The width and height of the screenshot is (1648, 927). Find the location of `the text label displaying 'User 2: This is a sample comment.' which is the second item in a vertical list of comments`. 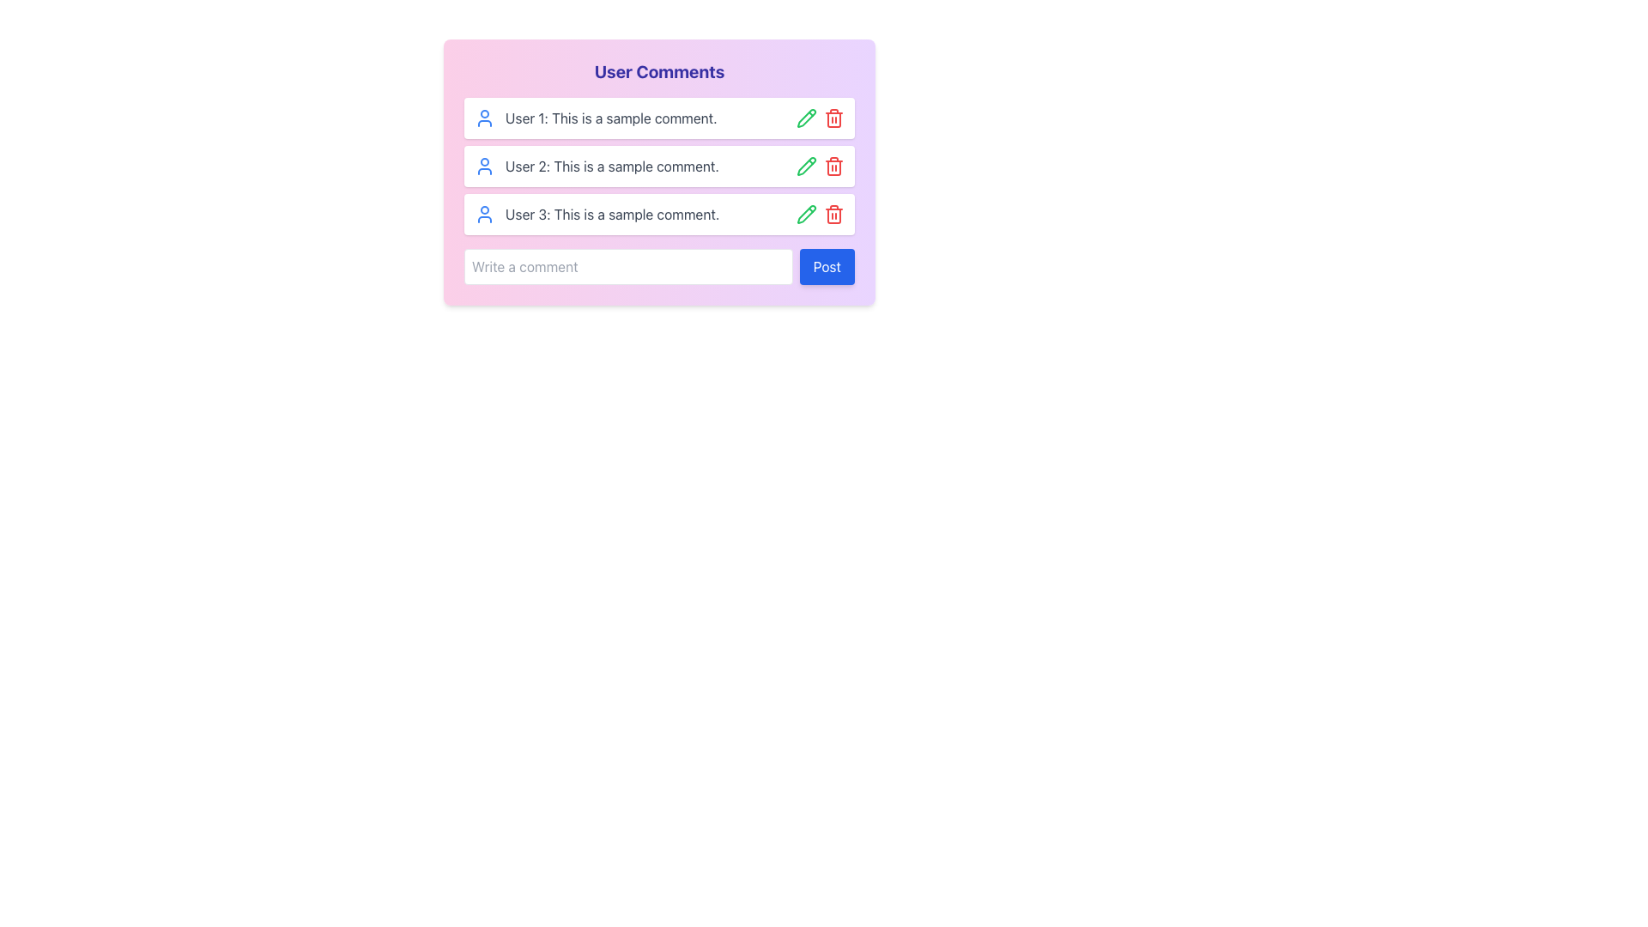

the text label displaying 'User 2: This is a sample comment.' which is the second item in a vertical list of comments is located at coordinates (612, 166).